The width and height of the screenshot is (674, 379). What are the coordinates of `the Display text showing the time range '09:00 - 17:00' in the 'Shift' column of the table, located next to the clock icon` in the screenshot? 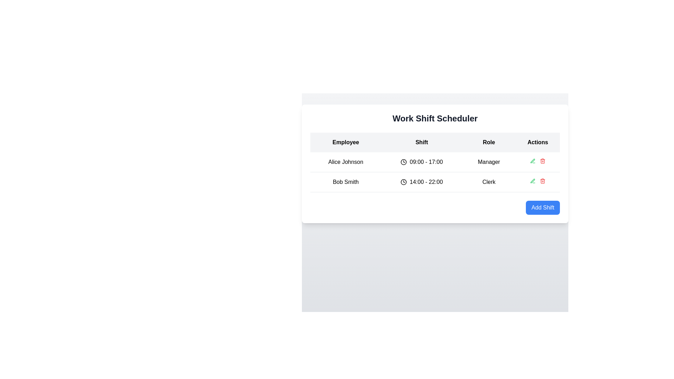 It's located at (426, 162).